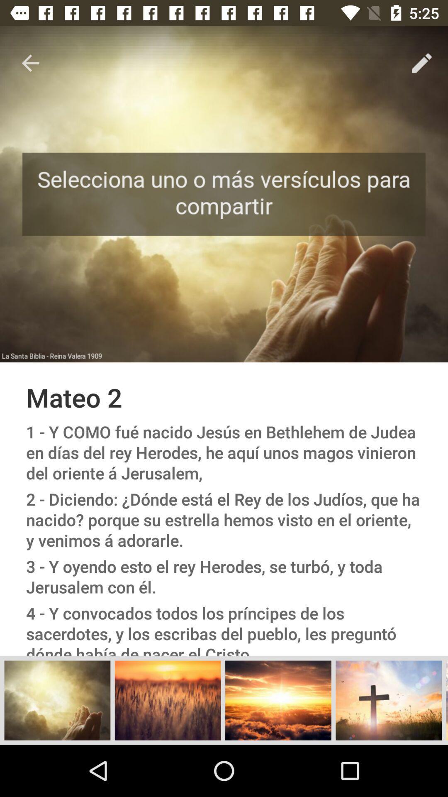  I want to click on the 4 y convocados item, so click(224, 628).